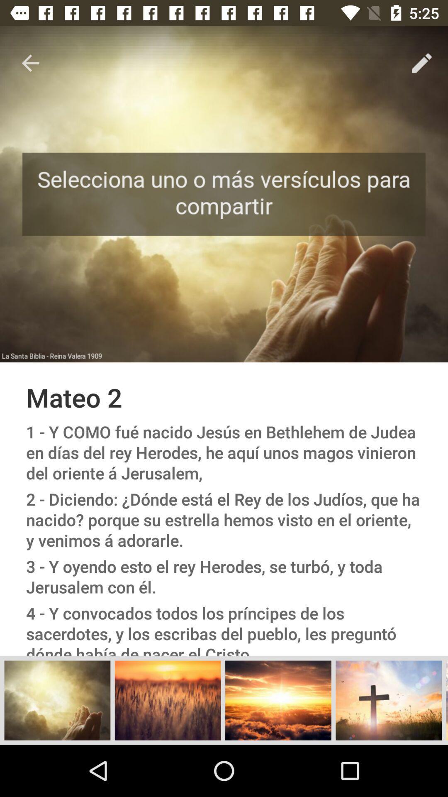  I want to click on the 4 y convocados item, so click(224, 628).